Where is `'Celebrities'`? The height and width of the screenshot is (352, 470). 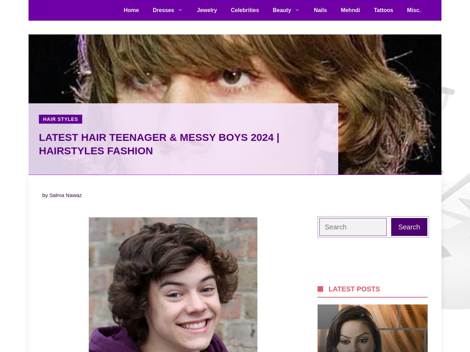 'Celebrities' is located at coordinates (245, 10).